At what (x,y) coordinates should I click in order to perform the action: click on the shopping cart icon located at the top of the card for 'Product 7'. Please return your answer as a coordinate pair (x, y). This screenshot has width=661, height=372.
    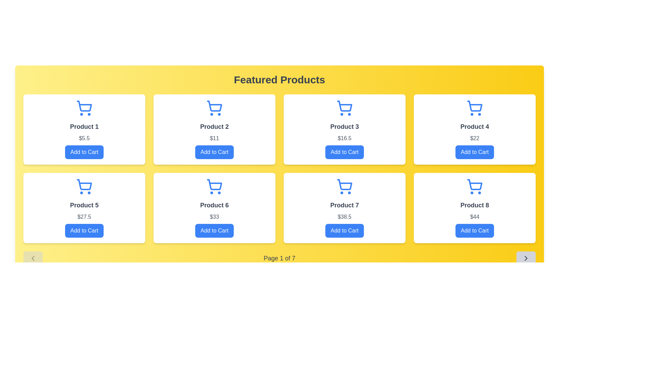
    Looking at the image, I should click on (345, 184).